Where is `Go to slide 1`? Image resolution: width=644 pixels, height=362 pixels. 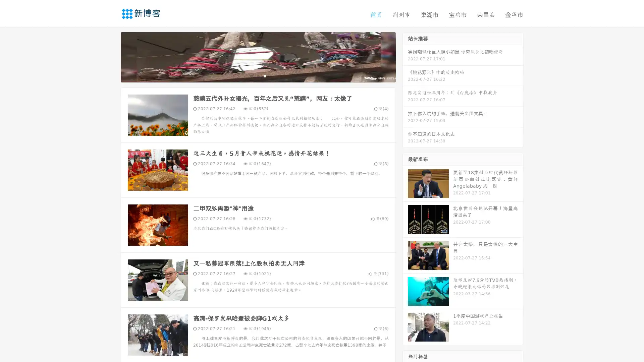
Go to slide 1 is located at coordinates (251, 75).